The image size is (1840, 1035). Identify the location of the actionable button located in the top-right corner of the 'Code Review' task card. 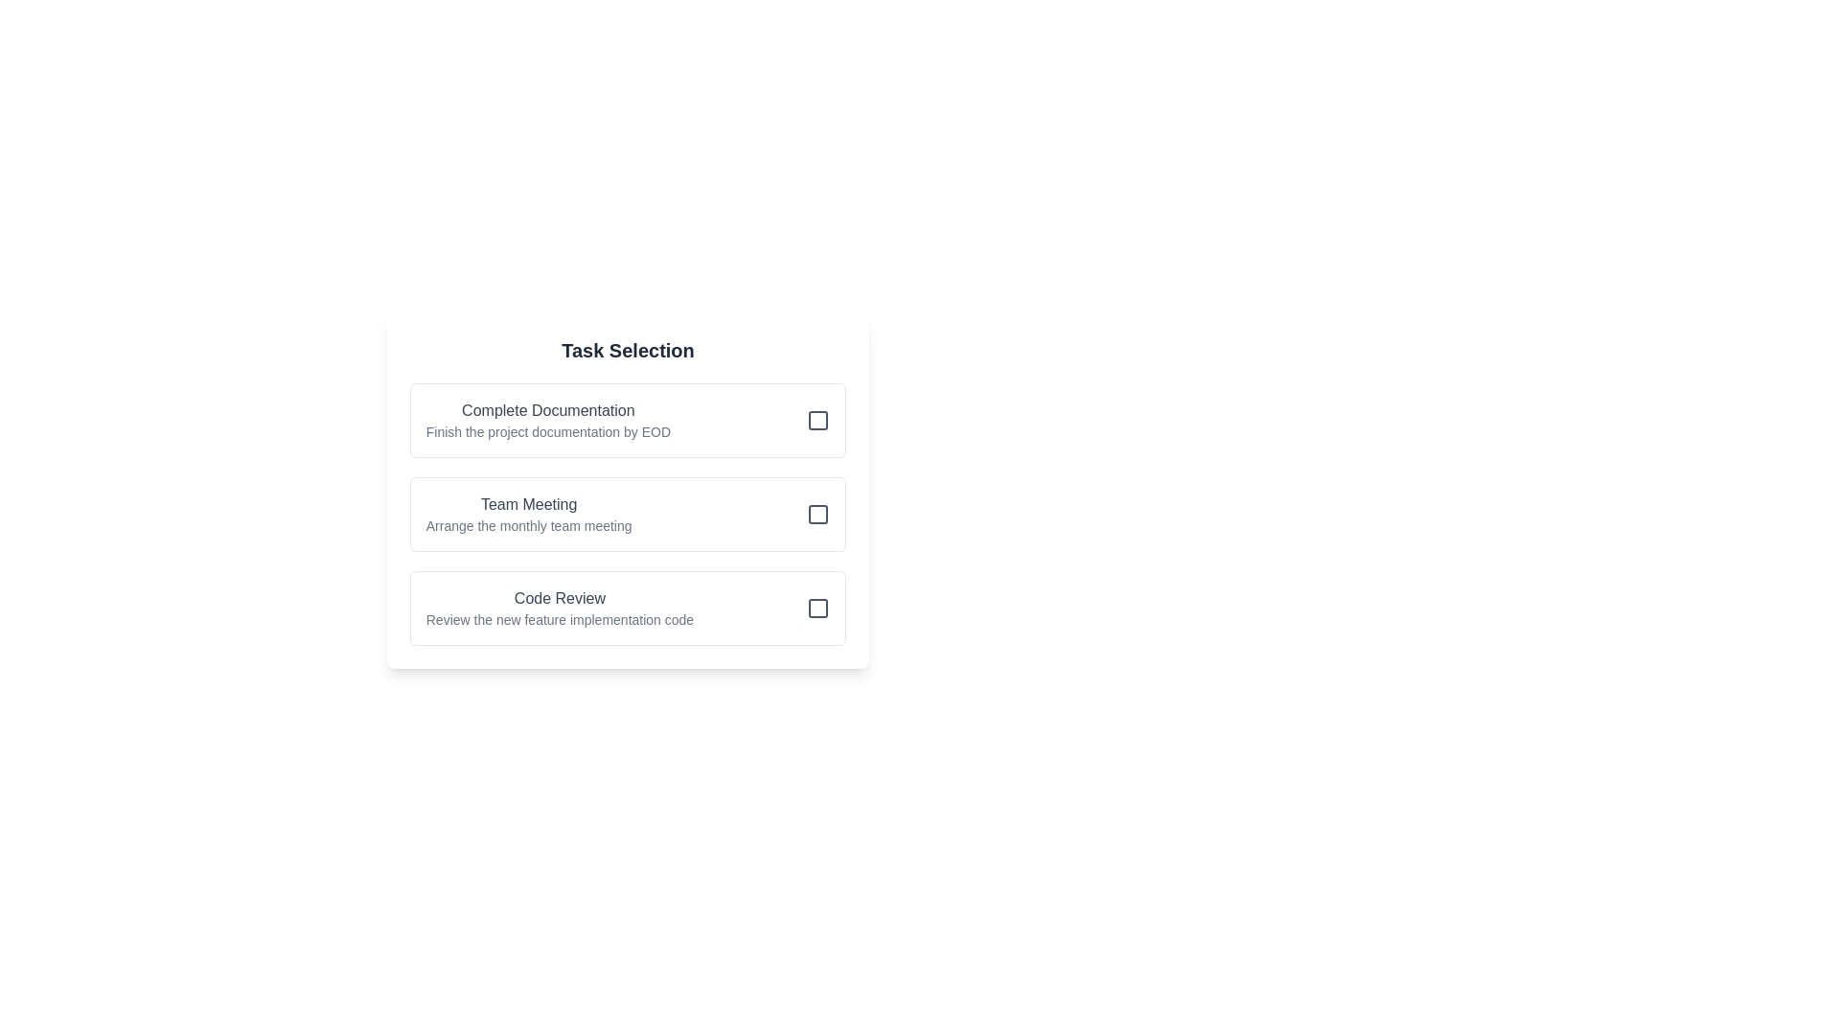
(818, 609).